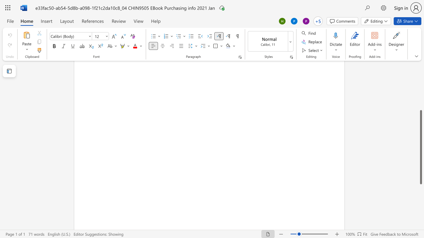  What do you see at coordinates (420, 147) in the screenshot?
I see `the scrollbar and move up 130 pixels` at bounding box center [420, 147].